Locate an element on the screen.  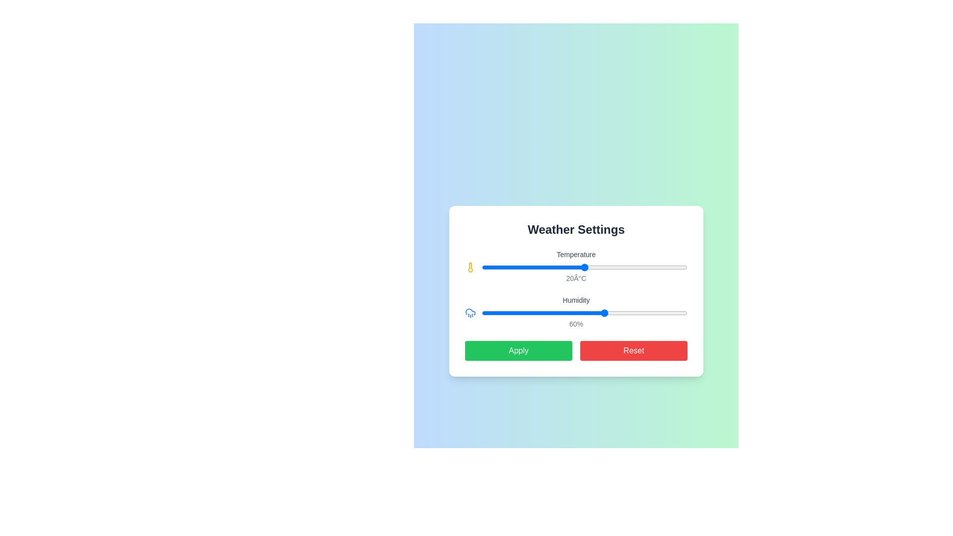
humidity is located at coordinates (494, 313).